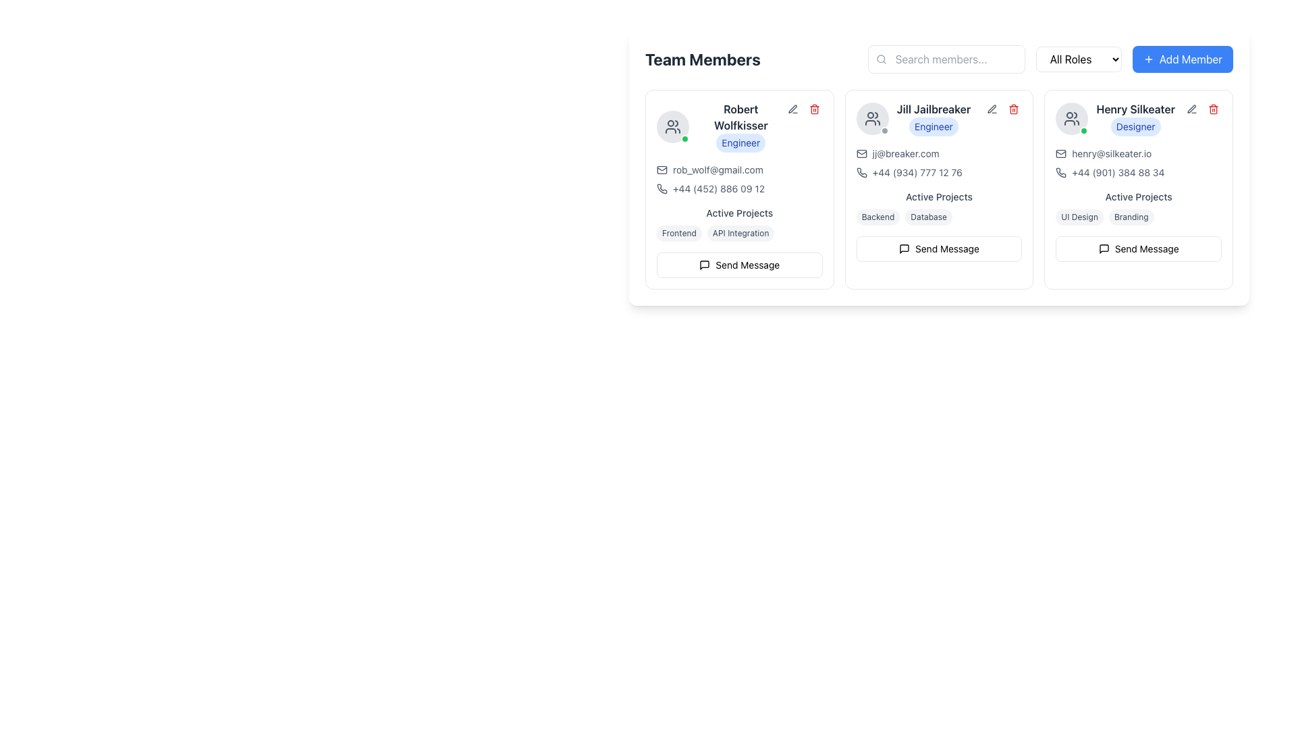  I want to click on the clickable email link for user 'Jill Jailbreaker', so click(906, 153).